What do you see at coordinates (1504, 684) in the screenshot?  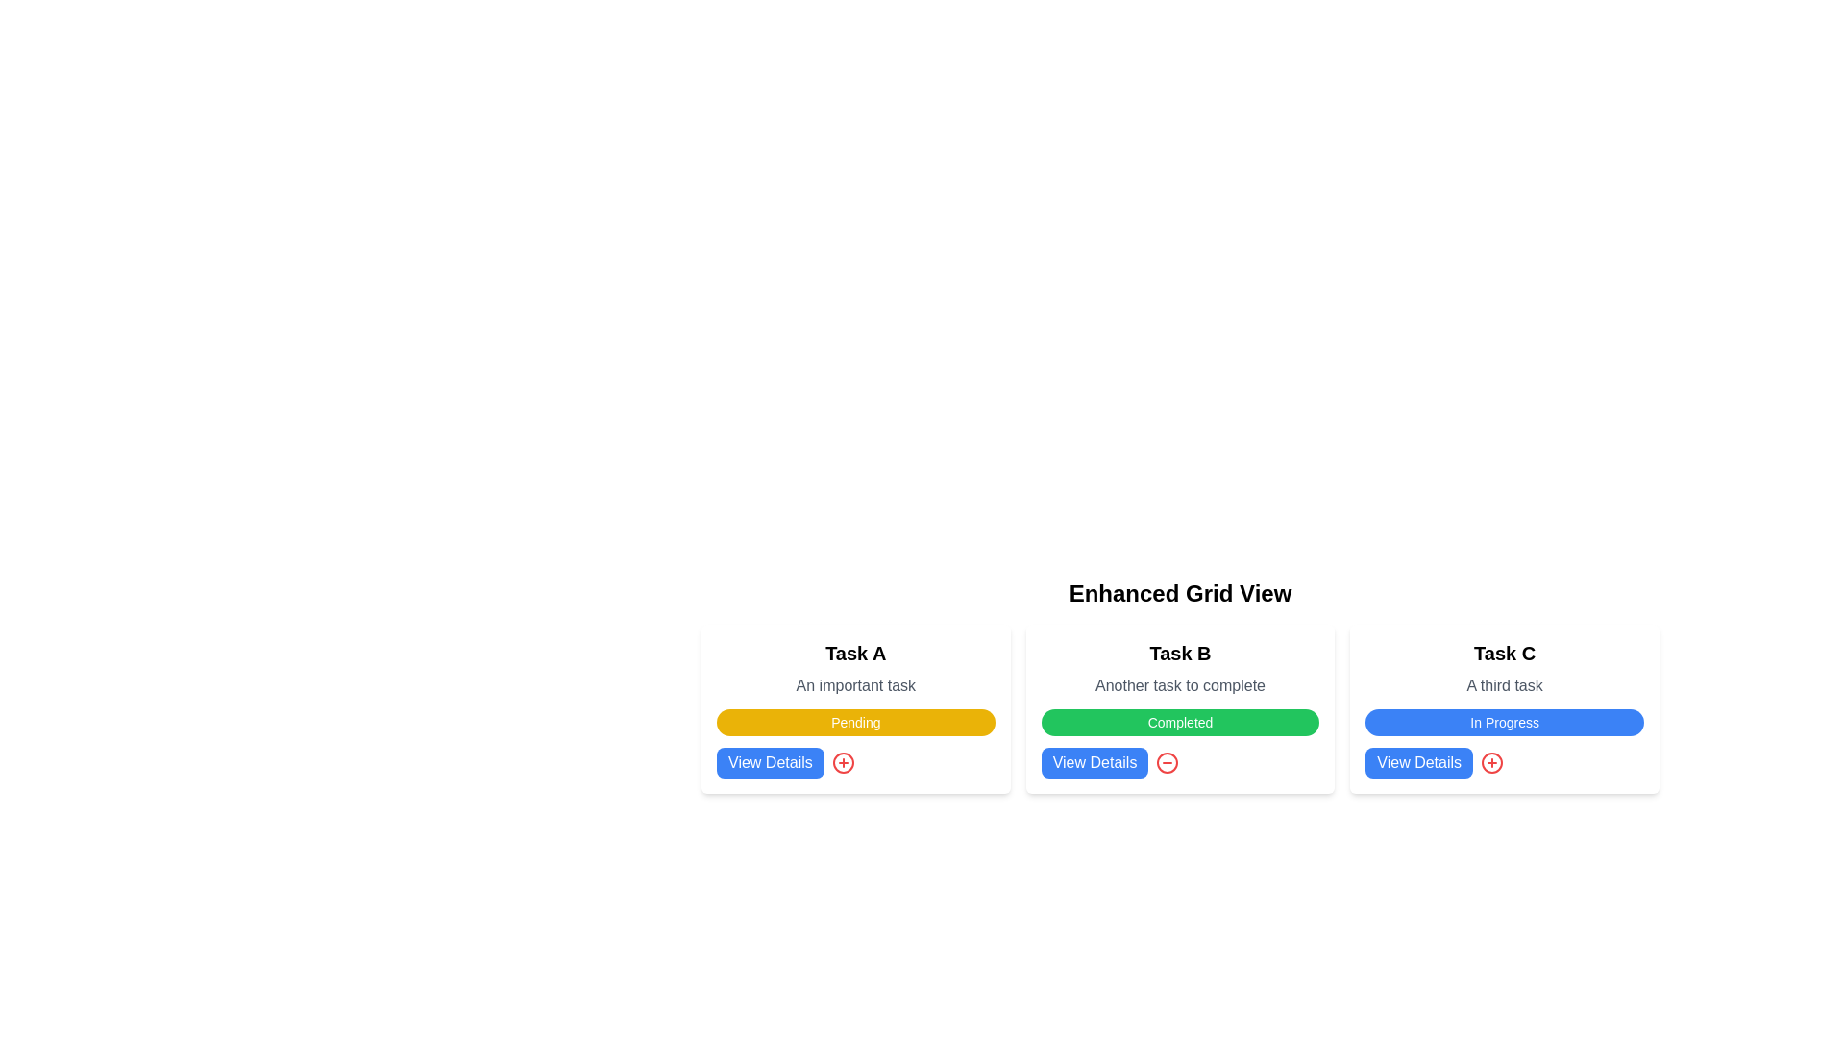 I see `the static text label providing information about 'Task C', which is positioned below the title 'Task C' and above the badge labeled 'In Progress'` at bounding box center [1504, 684].